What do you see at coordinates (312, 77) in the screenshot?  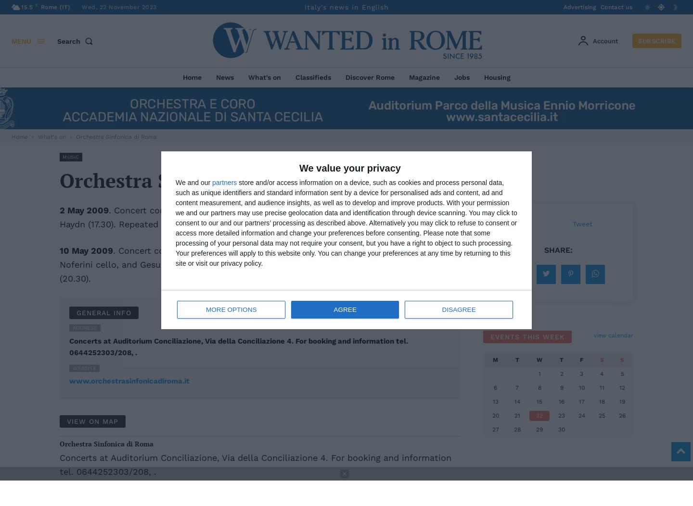 I see `'Classifieds'` at bounding box center [312, 77].